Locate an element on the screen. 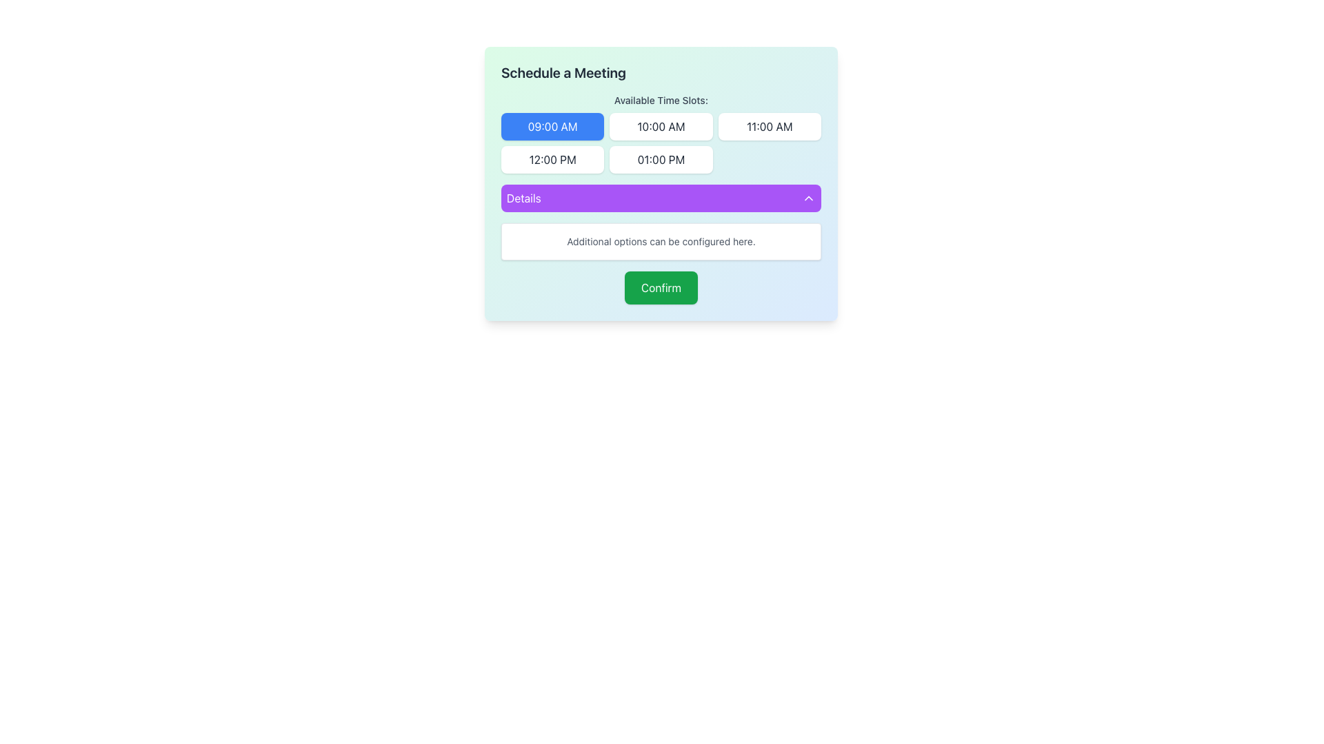 The image size is (1324, 744). the button labeled '12:00 PM' is located at coordinates (552, 158).